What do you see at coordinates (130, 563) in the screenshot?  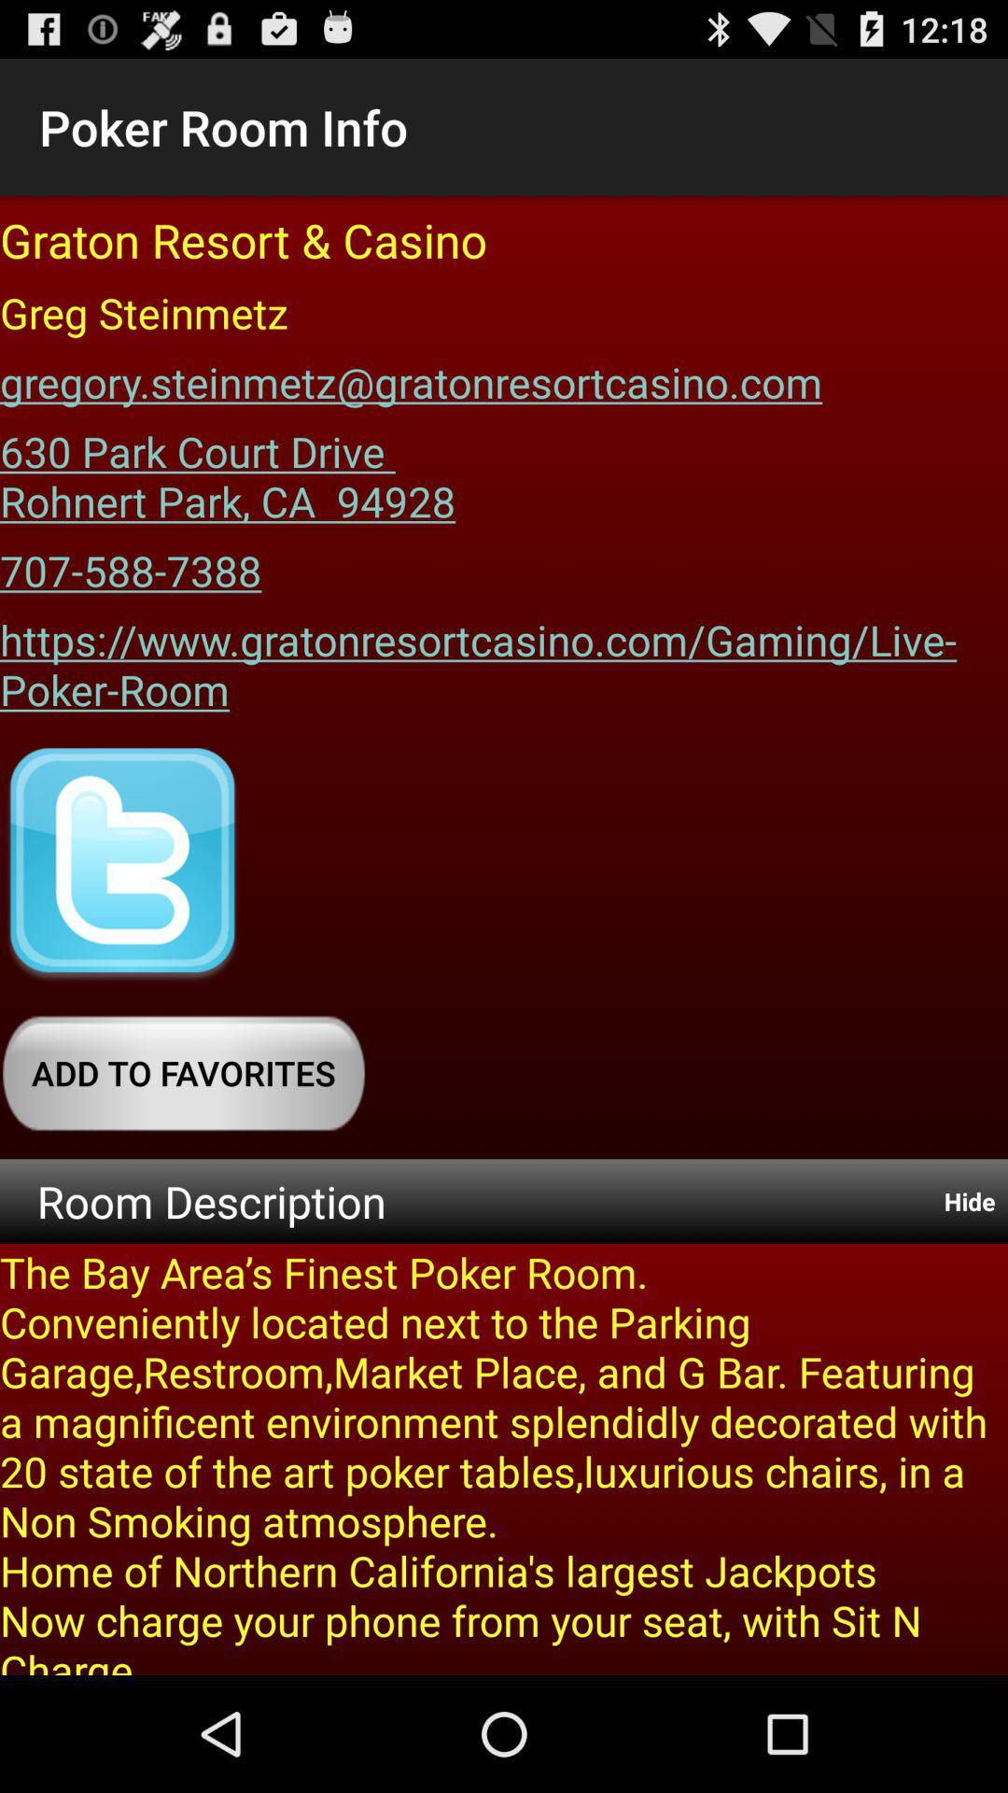 I see `the 707-588-7388 item` at bounding box center [130, 563].